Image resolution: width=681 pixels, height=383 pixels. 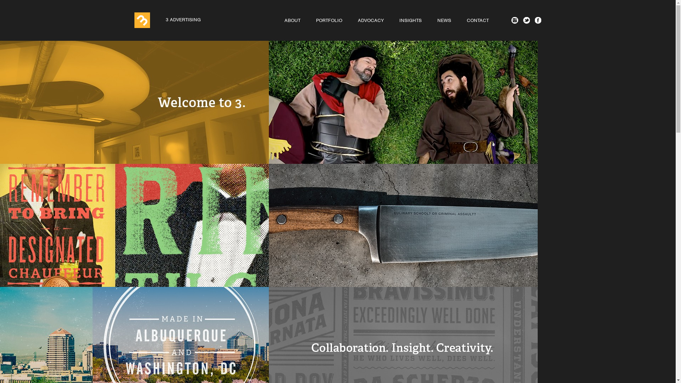 I want to click on 'INSIGHTS', so click(x=410, y=21).